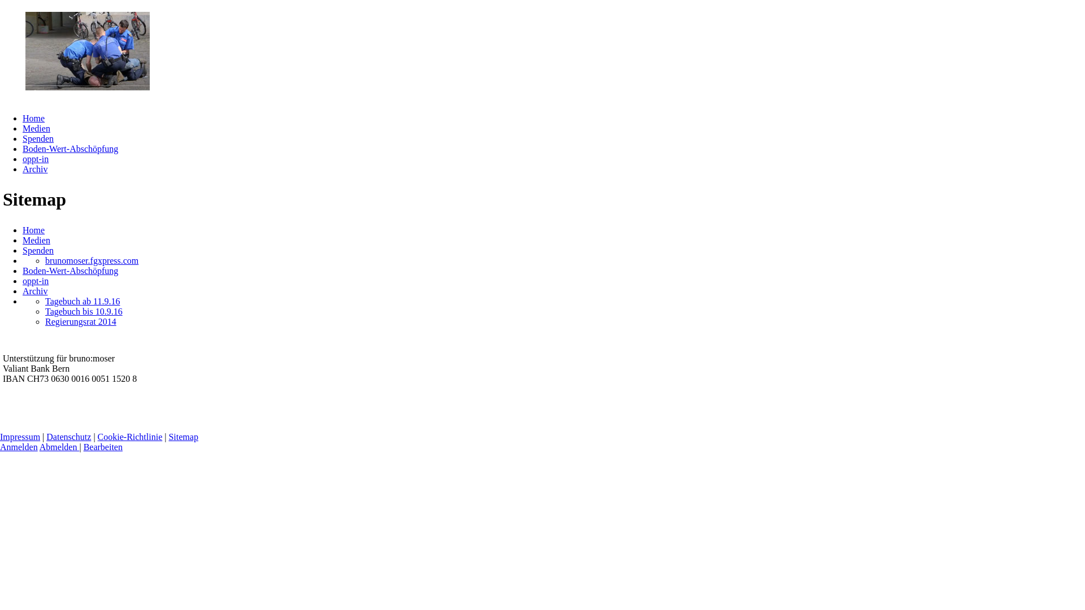 This screenshot has height=610, width=1085. Describe the element at coordinates (83, 311) in the screenshot. I see `'Tagebuch bis 10.9.16'` at that location.